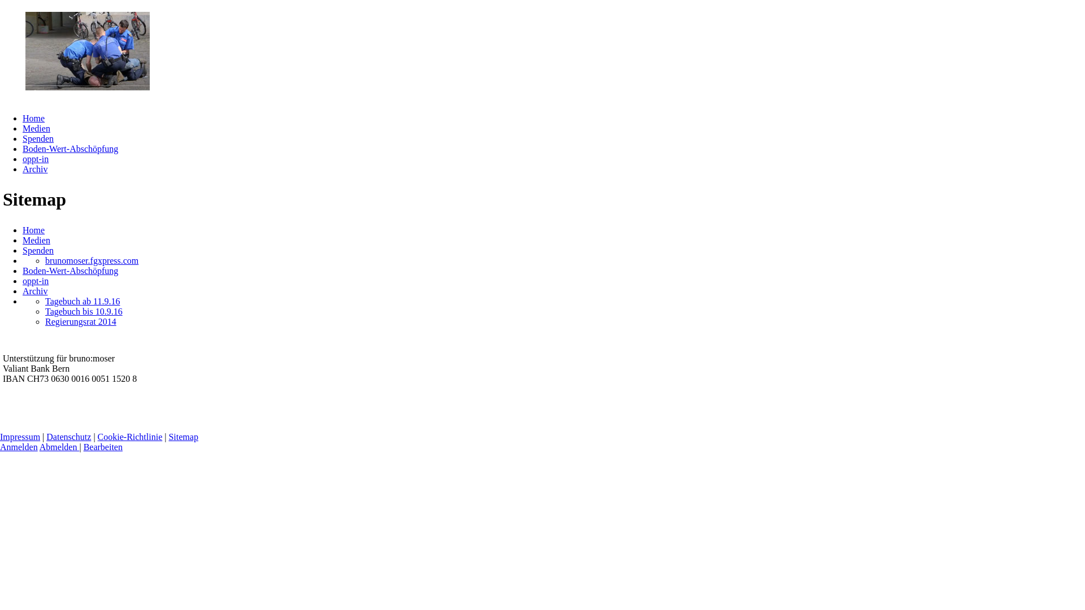 This screenshot has height=610, width=1085. Describe the element at coordinates (83, 311) in the screenshot. I see `'Tagebuch bis 10.9.16'` at that location.